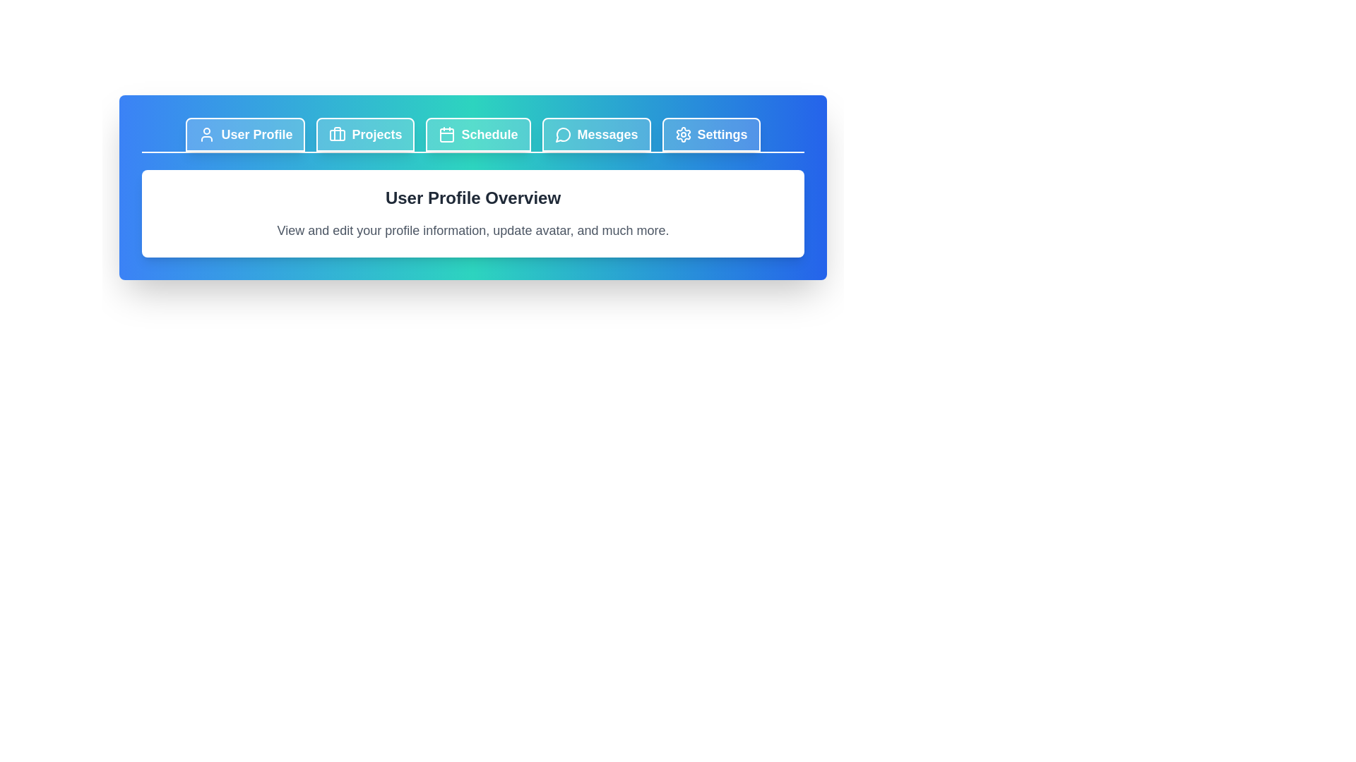 Image resolution: width=1356 pixels, height=762 pixels. Describe the element at coordinates (683, 135) in the screenshot. I see `the cogwheel-shaped icon within the 'Settings' button in the rightmost option of the horizontal navigation bar` at that location.